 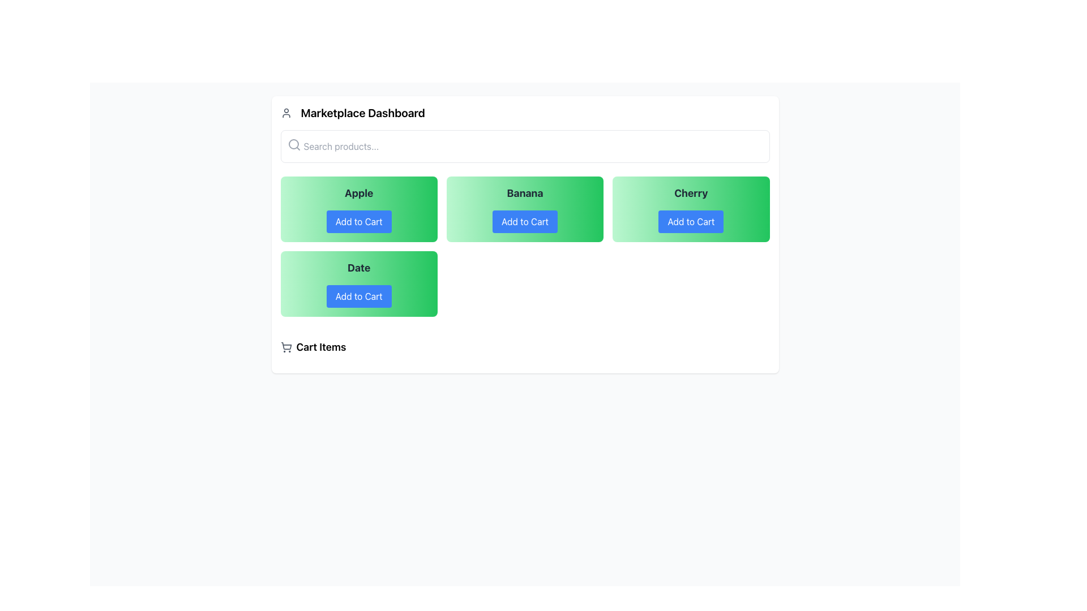 What do you see at coordinates (286, 113) in the screenshot?
I see `the user profile icon located in the header section, which is the leftmost component preceding the 'Marketplace Dashboard' text` at bounding box center [286, 113].